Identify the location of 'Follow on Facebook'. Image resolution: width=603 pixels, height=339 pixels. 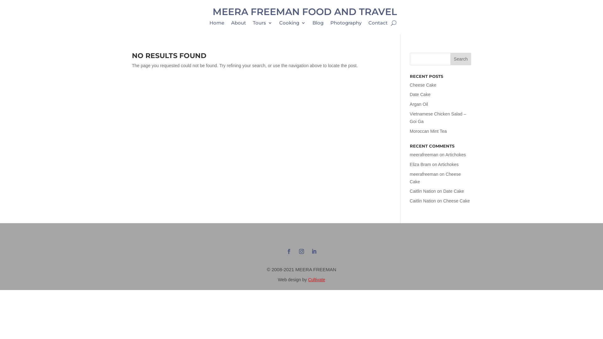
(289, 251).